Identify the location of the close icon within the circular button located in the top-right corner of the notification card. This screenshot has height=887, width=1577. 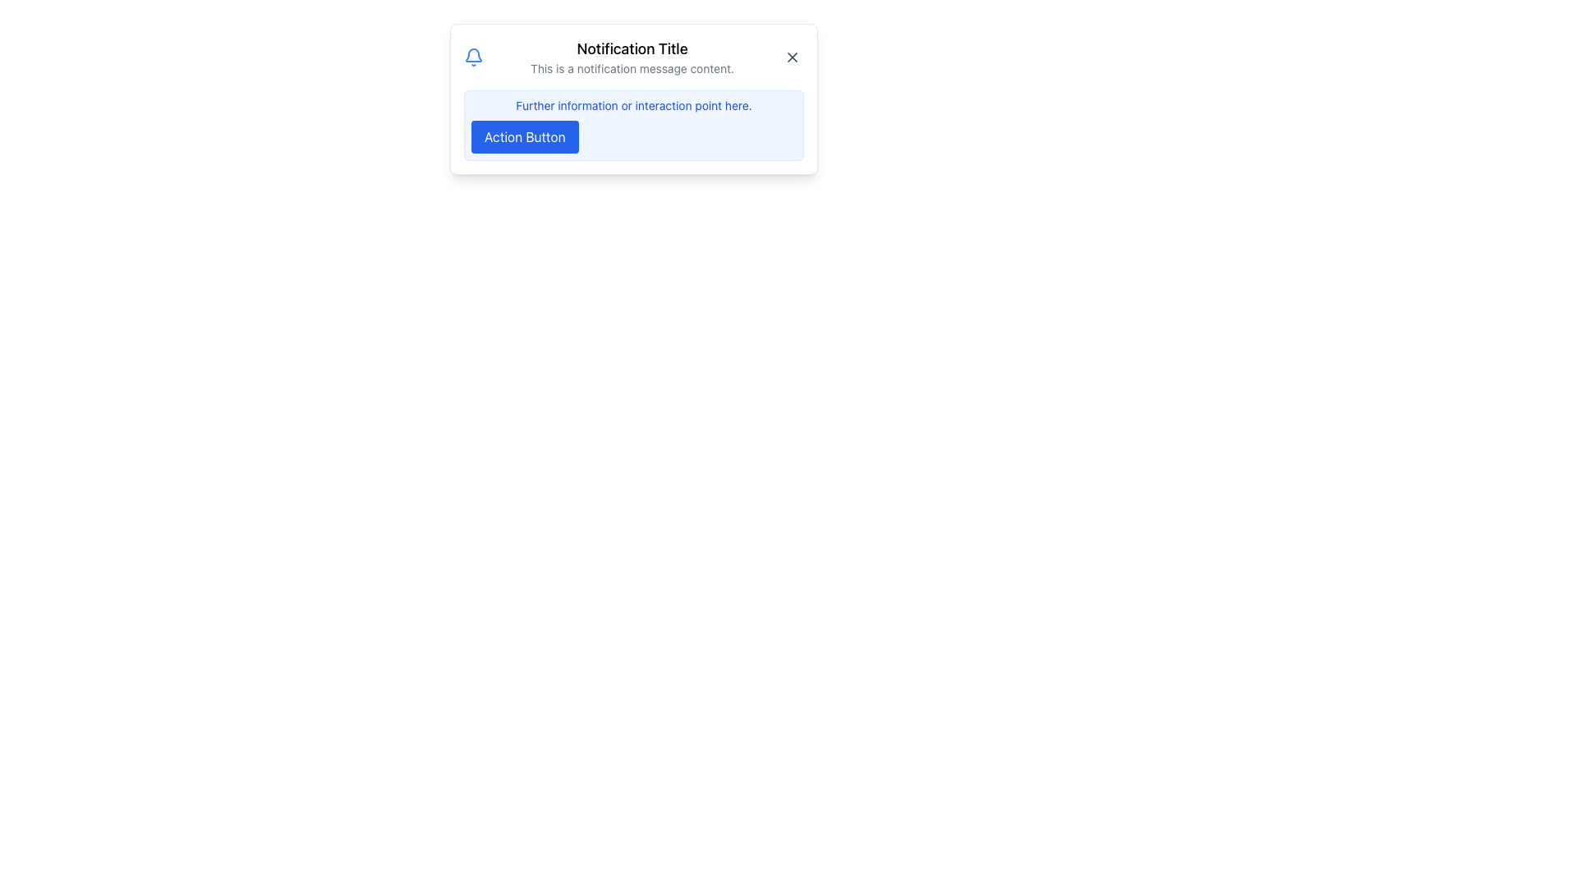
(792, 56).